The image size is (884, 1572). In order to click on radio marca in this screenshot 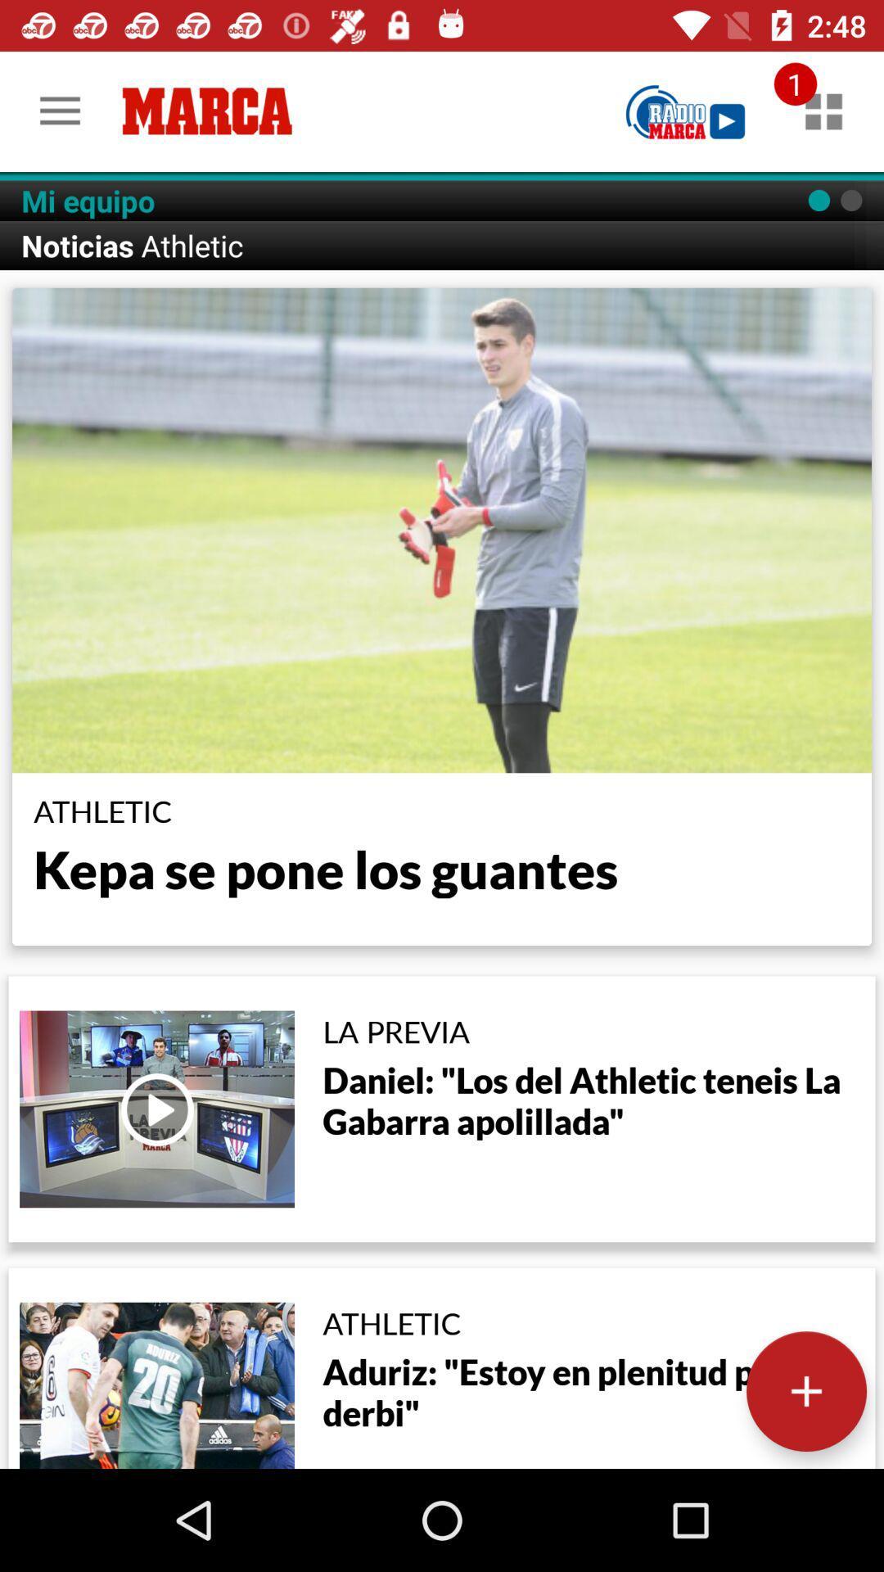, I will do `click(685, 111)`.